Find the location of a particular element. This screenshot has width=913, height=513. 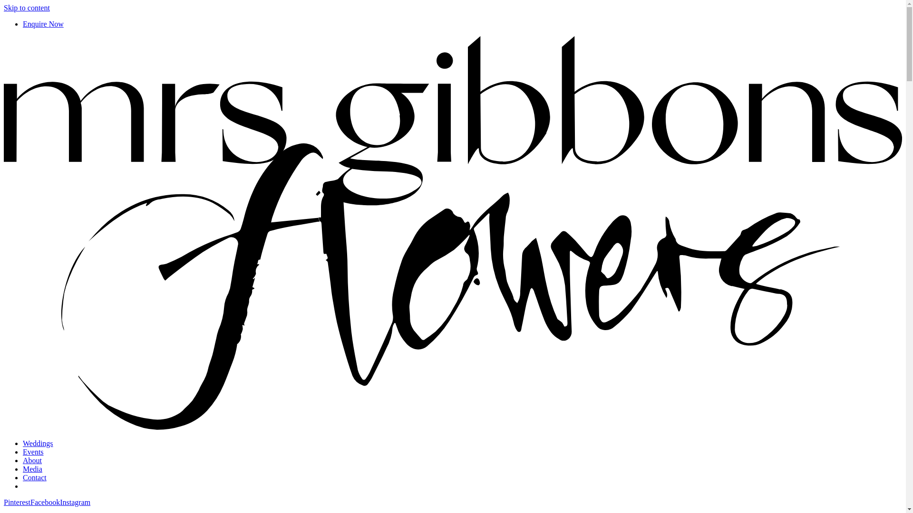

'Skip to content' is located at coordinates (27, 8).